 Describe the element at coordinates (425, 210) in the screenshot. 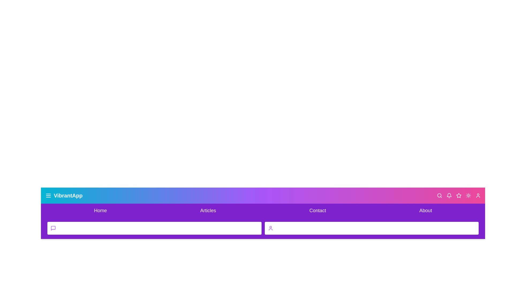

I see `the About navigation link to navigate to the respective section` at that location.